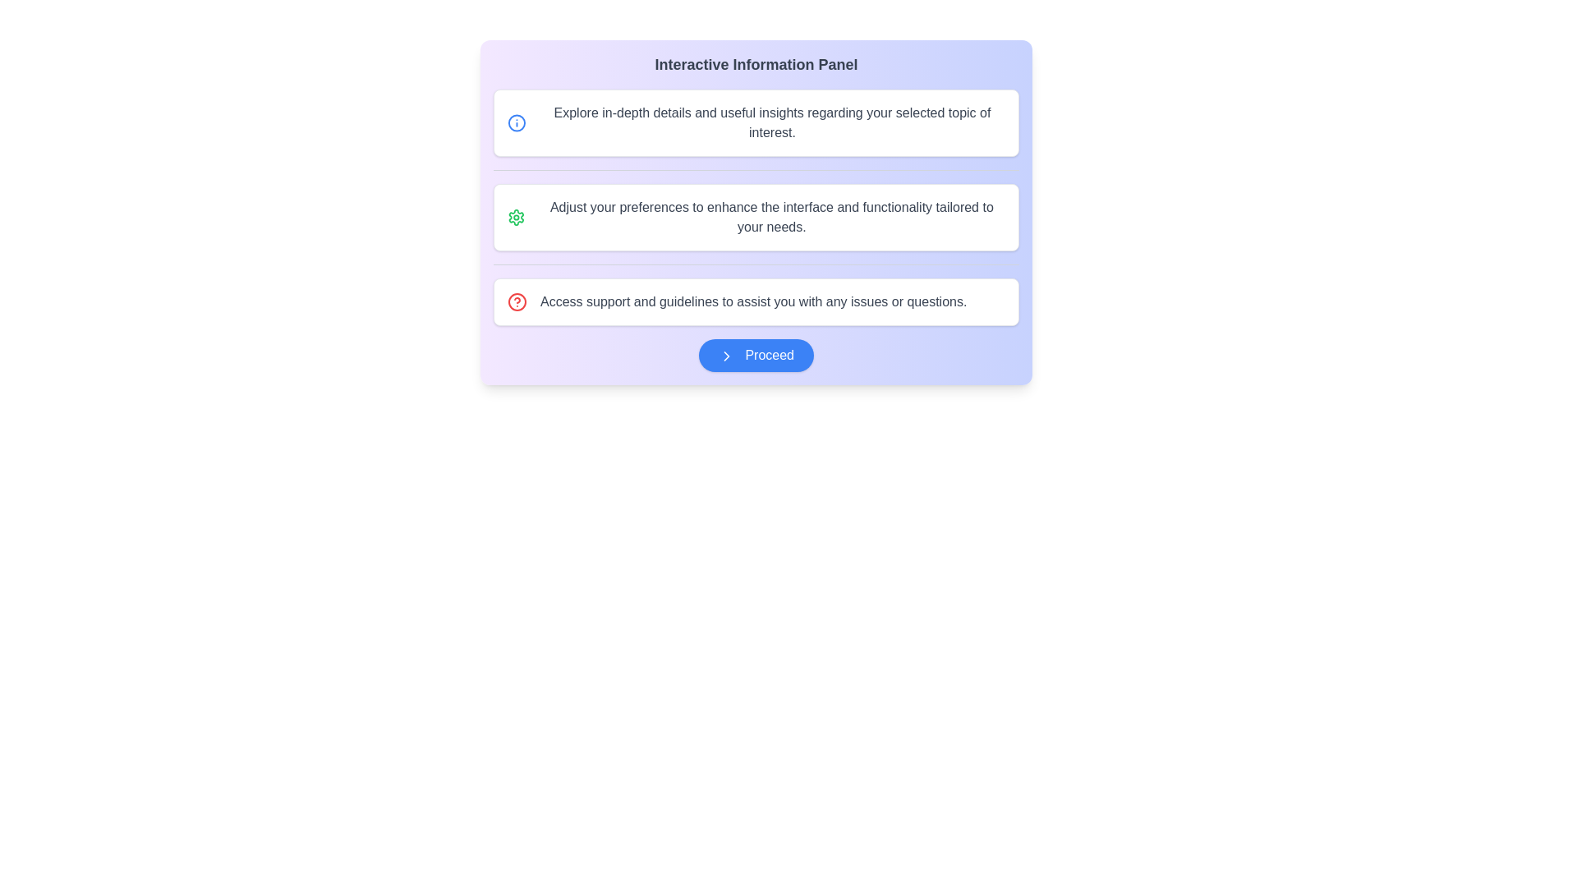 The height and width of the screenshot is (887, 1577). What do you see at coordinates (725, 355) in the screenshot?
I see `the Decorative icon (chevron-right) located to the left of the 'Proceed' text within the 'Proceed' button at the bottom center of the interface panel` at bounding box center [725, 355].